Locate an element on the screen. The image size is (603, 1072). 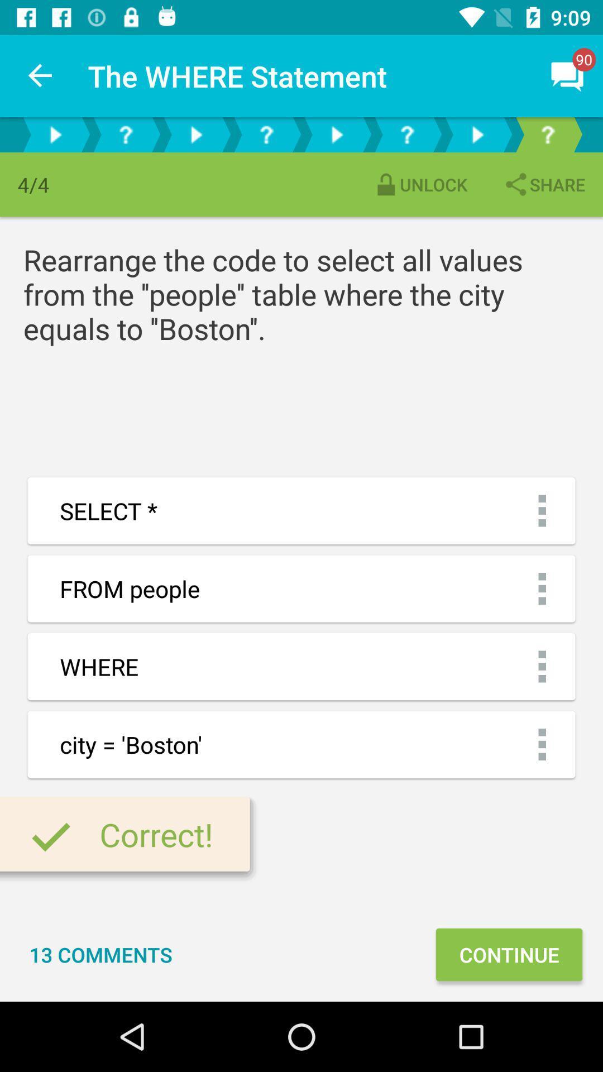
item next to the the where statement icon is located at coordinates (40, 75).